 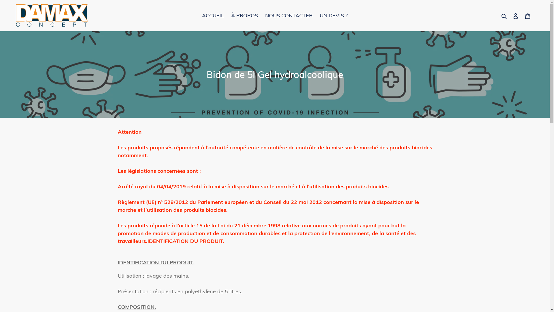 I want to click on 'ACCUEIL', so click(x=213, y=15).